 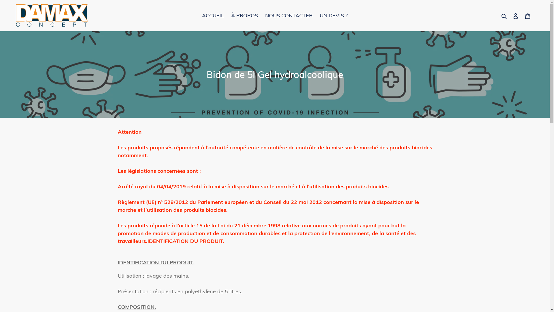 I want to click on 'ACCUEIL', so click(x=213, y=15).